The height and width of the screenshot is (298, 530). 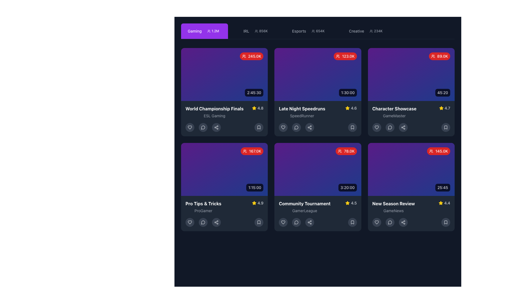 I want to click on displayed numeric value from the badge located in the top-right corner of the 'Pro Tips & Tricks' card, so click(x=252, y=151).